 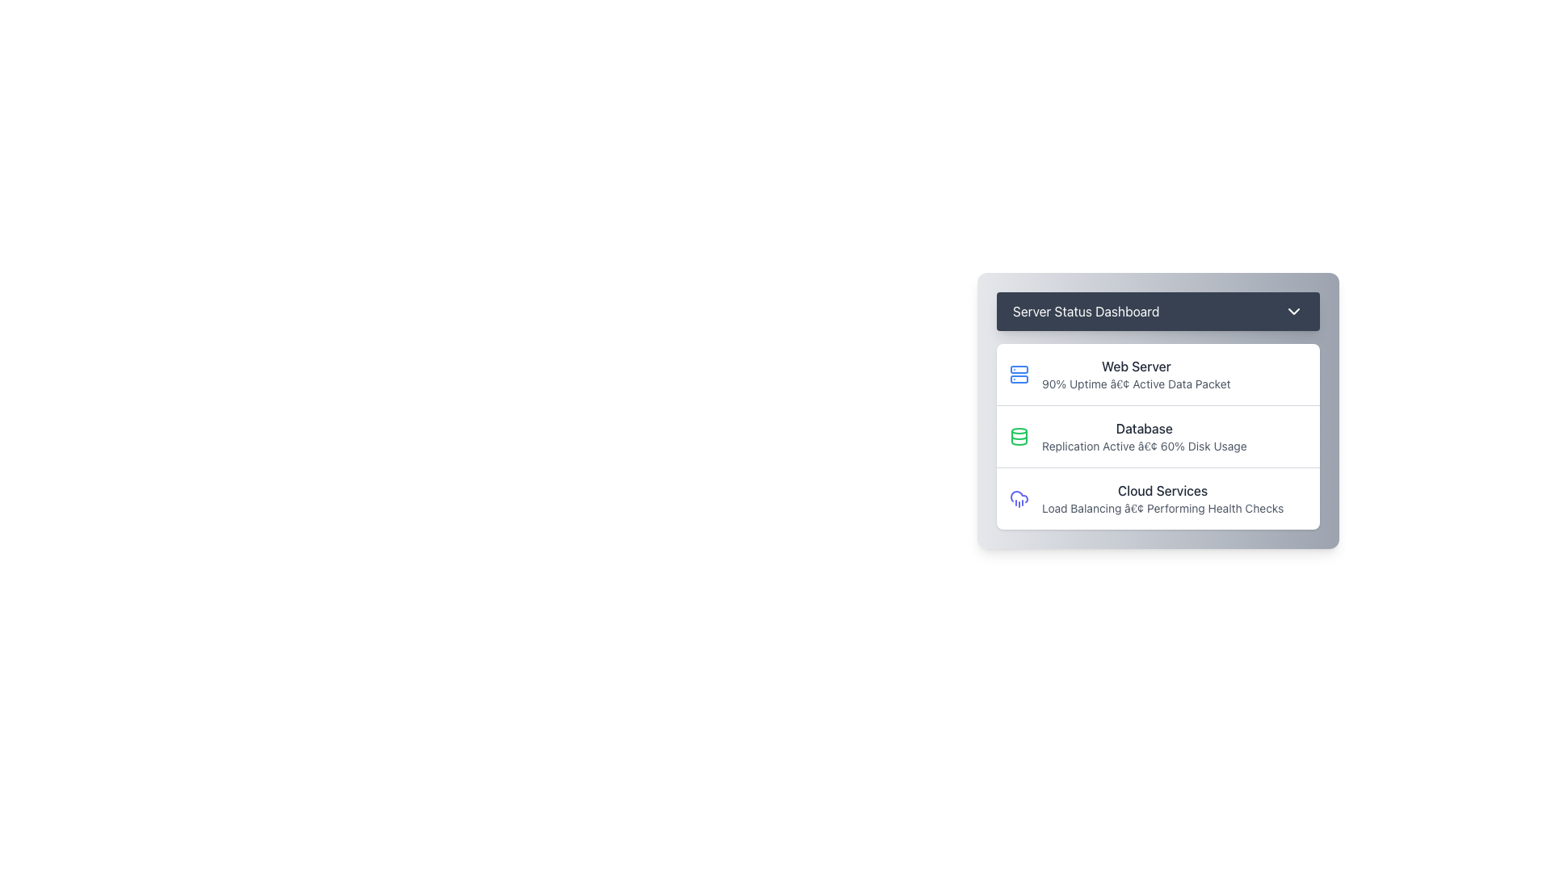 I want to click on text contained in the Information Card titled 'Web Server', which displays '90% Uptime • Active Data Packet', so click(x=1158, y=374).